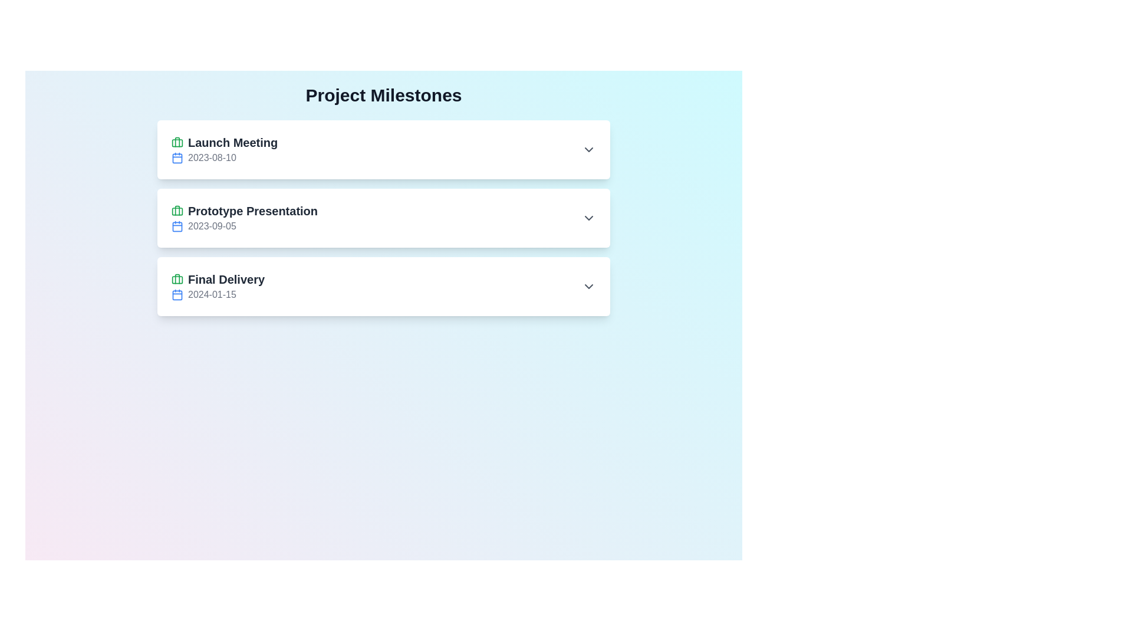  Describe the element at coordinates (244, 211) in the screenshot. I see `the Text Label that identifies a project milestone event, positioned in the second row of the 'Project Milestones' list, between 'Launch Meeting' and 'Final Delivery'` at that location.